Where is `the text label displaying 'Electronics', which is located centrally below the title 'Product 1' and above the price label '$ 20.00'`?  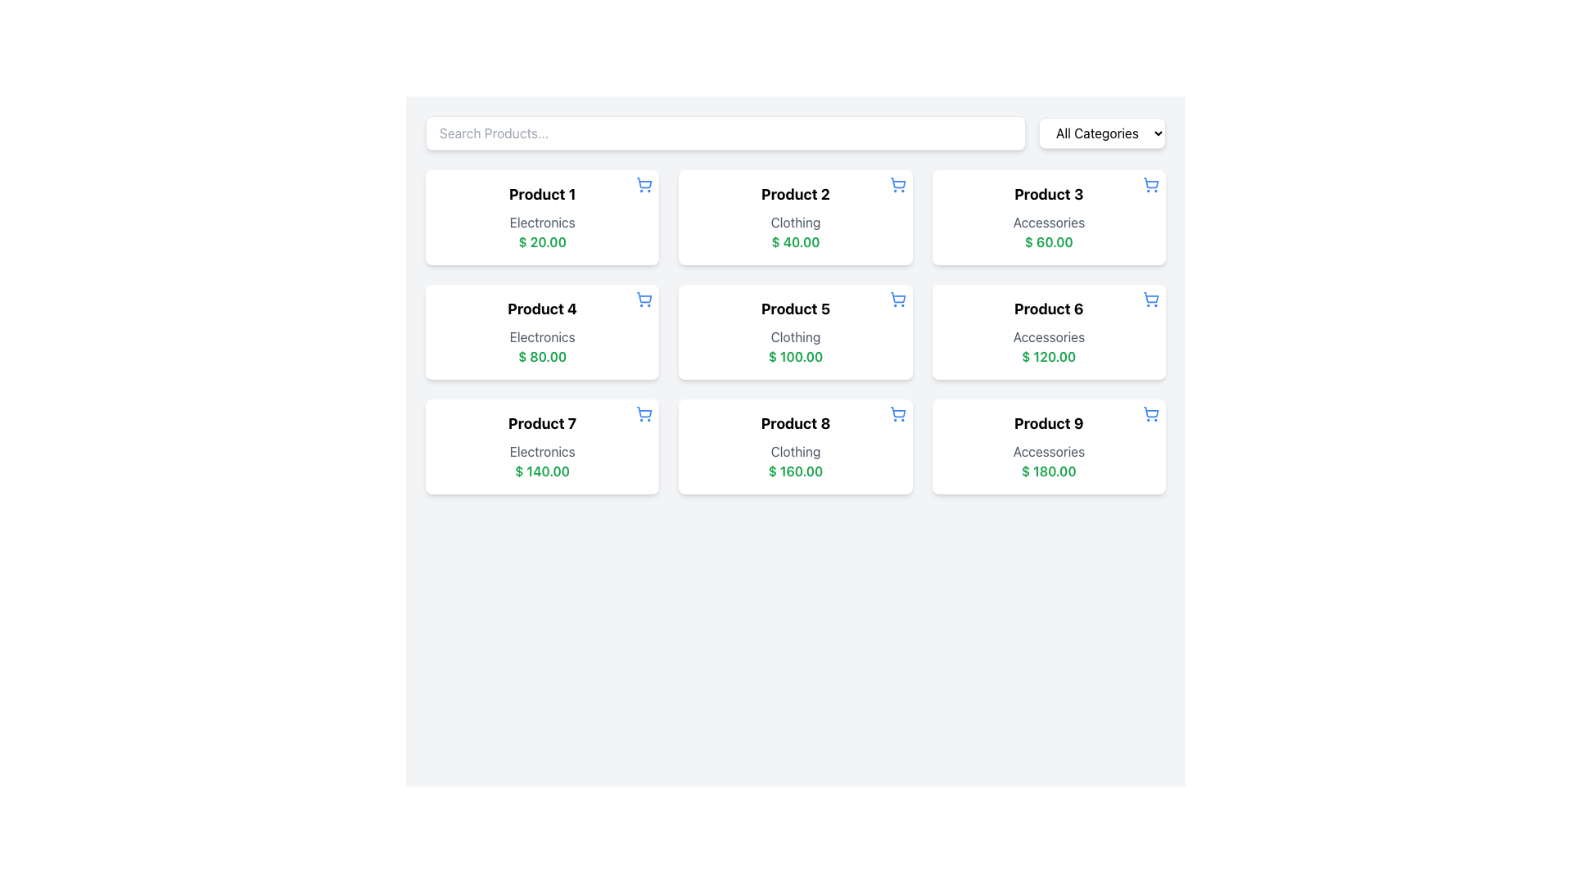 the text label displaying 'Electronics', which is located centrally below the title 'Product 1' and above the price label '$ 20.00' is located at coordinates (542, 223).